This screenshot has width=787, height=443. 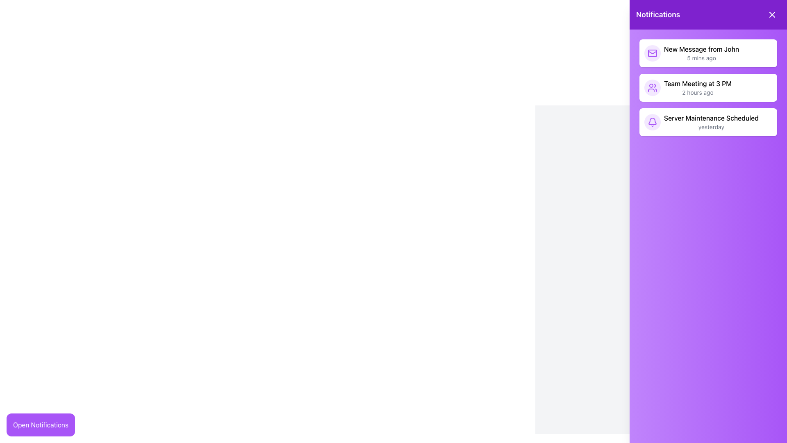 What do you see at coordinates (652, 87) in the screenshot?
I see `the circular icon with a purple background and white outline representing a team, located to the left of the text in the 'Team Meeting at 3 PM' notification, which is the second notification in the vertically stacked list` at bounding box center [652, 87].